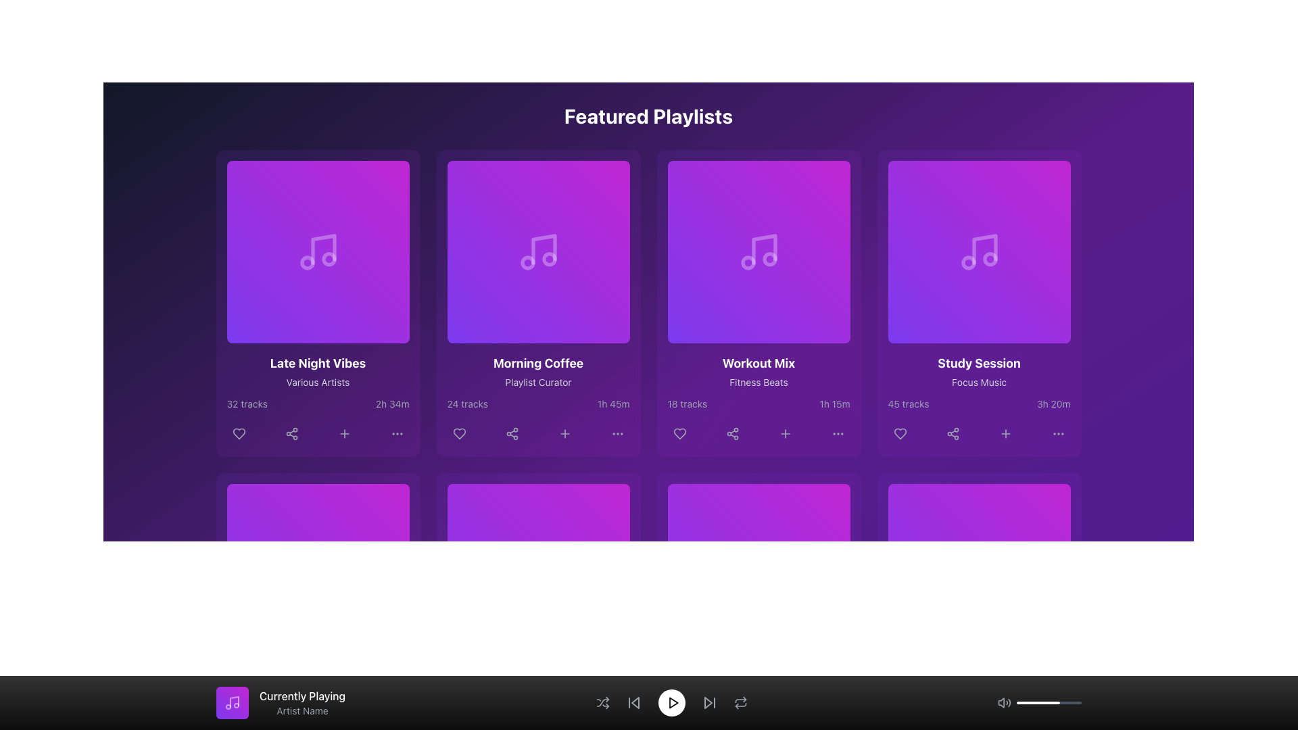 This screenshot has height=730, width=1298. Describe the element at coordinates (981, 252) in the screenshot. I see `the triangular play button icon located in the 'Study Session' playlist card, which is situated against a purple gradient background` at that location.